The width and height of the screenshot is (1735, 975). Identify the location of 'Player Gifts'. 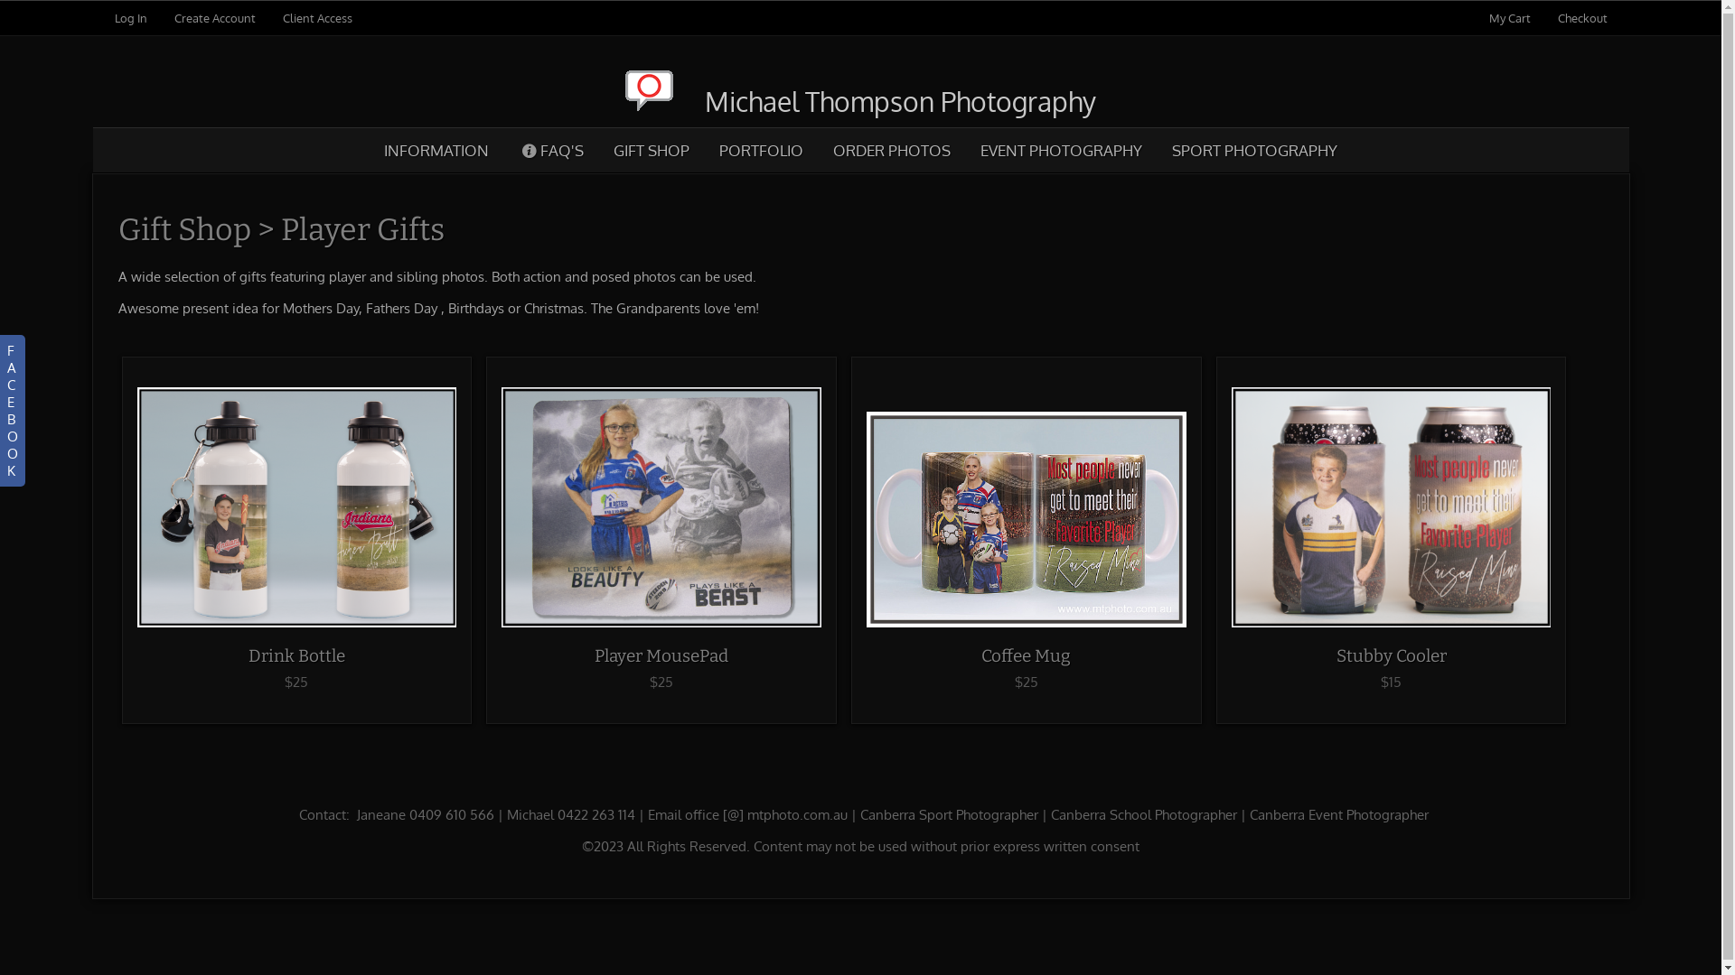
(361, 228).